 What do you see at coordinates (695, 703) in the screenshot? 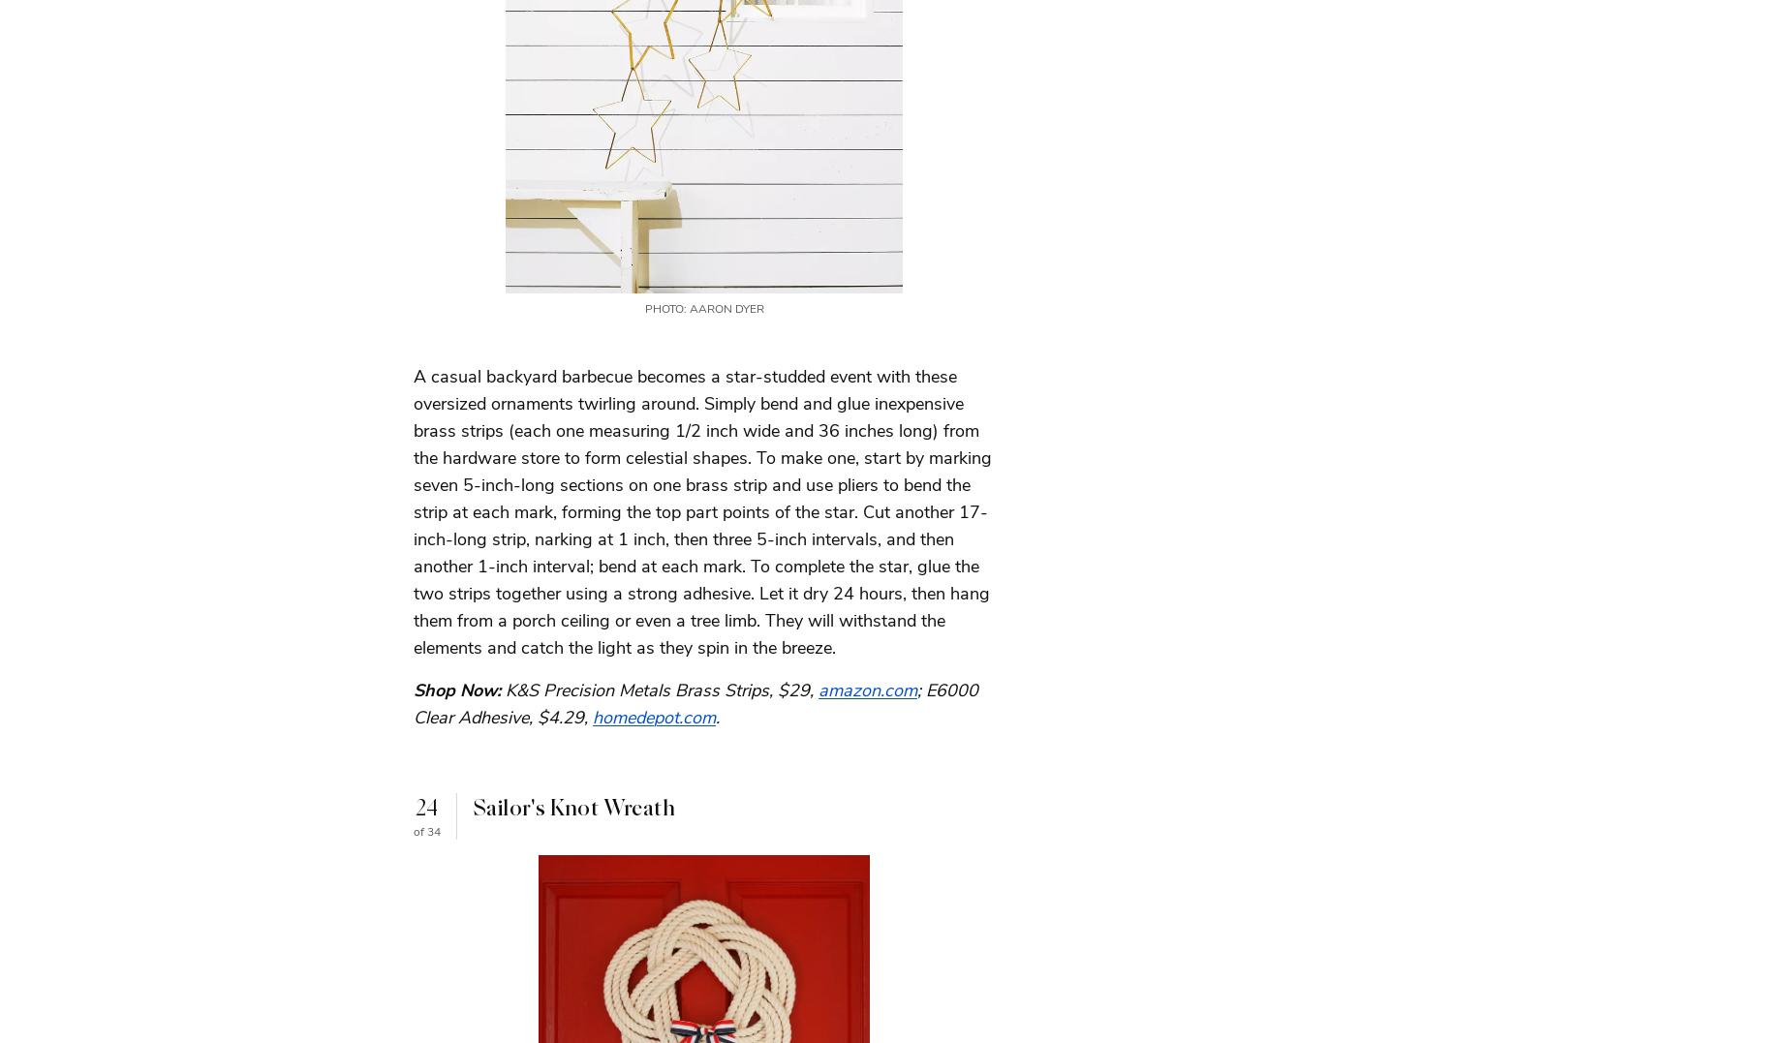
I see `'; E6000 Clear Adhesive, $4.29,'` at bounding box center [695, 703].